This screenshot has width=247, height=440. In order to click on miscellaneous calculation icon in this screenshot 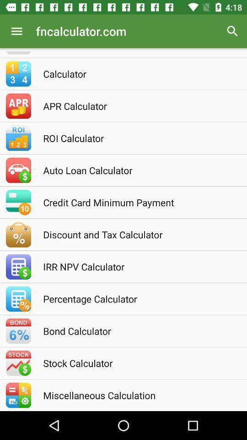, I will do `click(135, 395)`.